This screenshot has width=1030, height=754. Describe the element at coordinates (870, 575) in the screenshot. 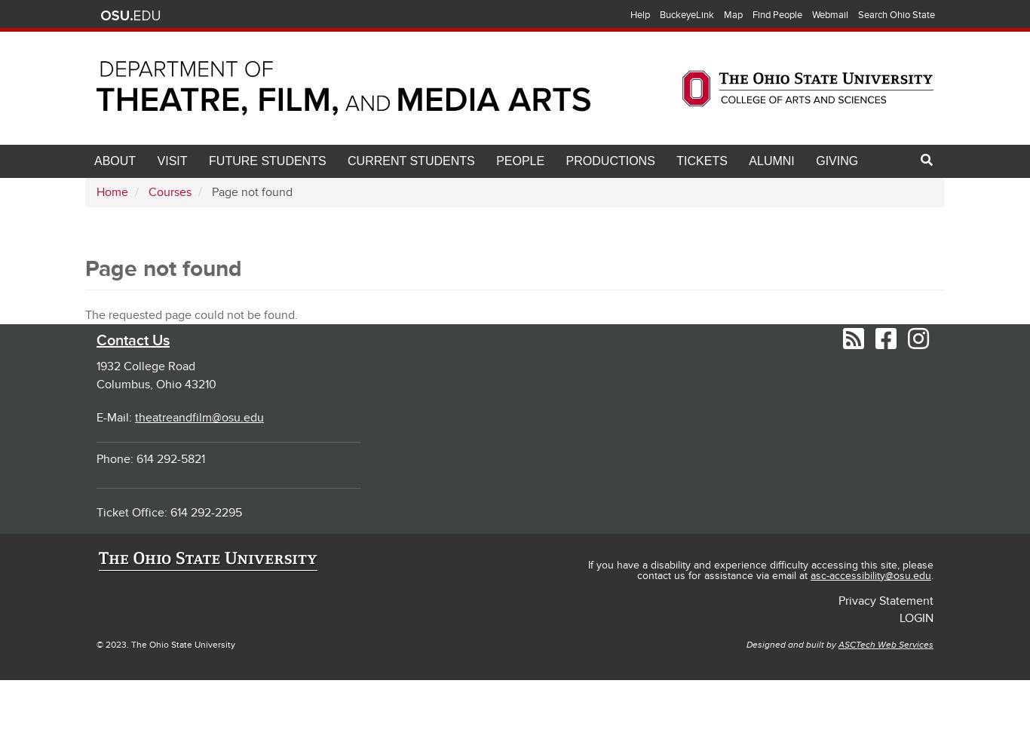

I see `'asc-accessibility@osu.edu'` at that location.